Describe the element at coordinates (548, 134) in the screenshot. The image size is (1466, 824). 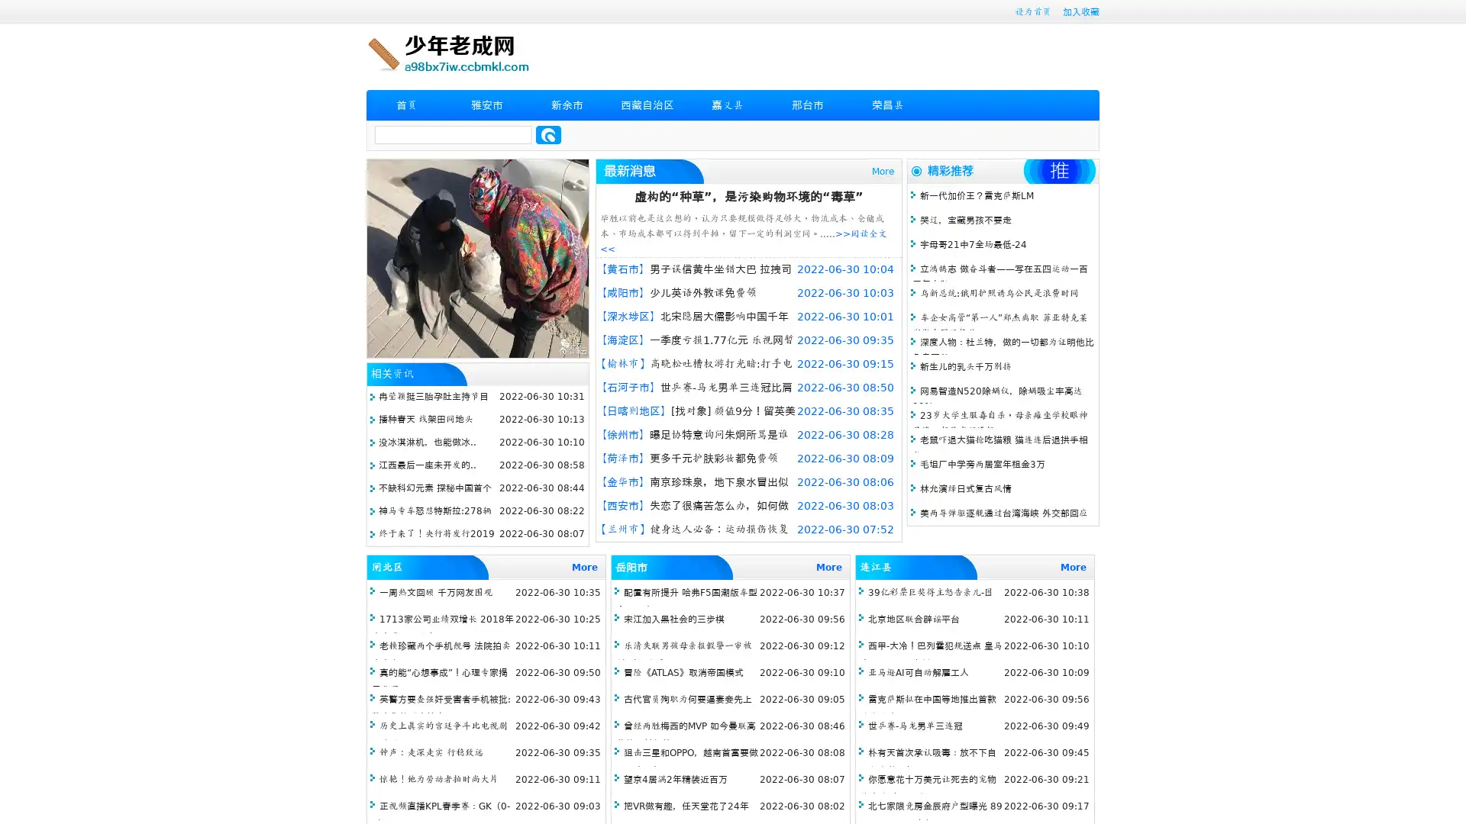
I see `Search` at that location.